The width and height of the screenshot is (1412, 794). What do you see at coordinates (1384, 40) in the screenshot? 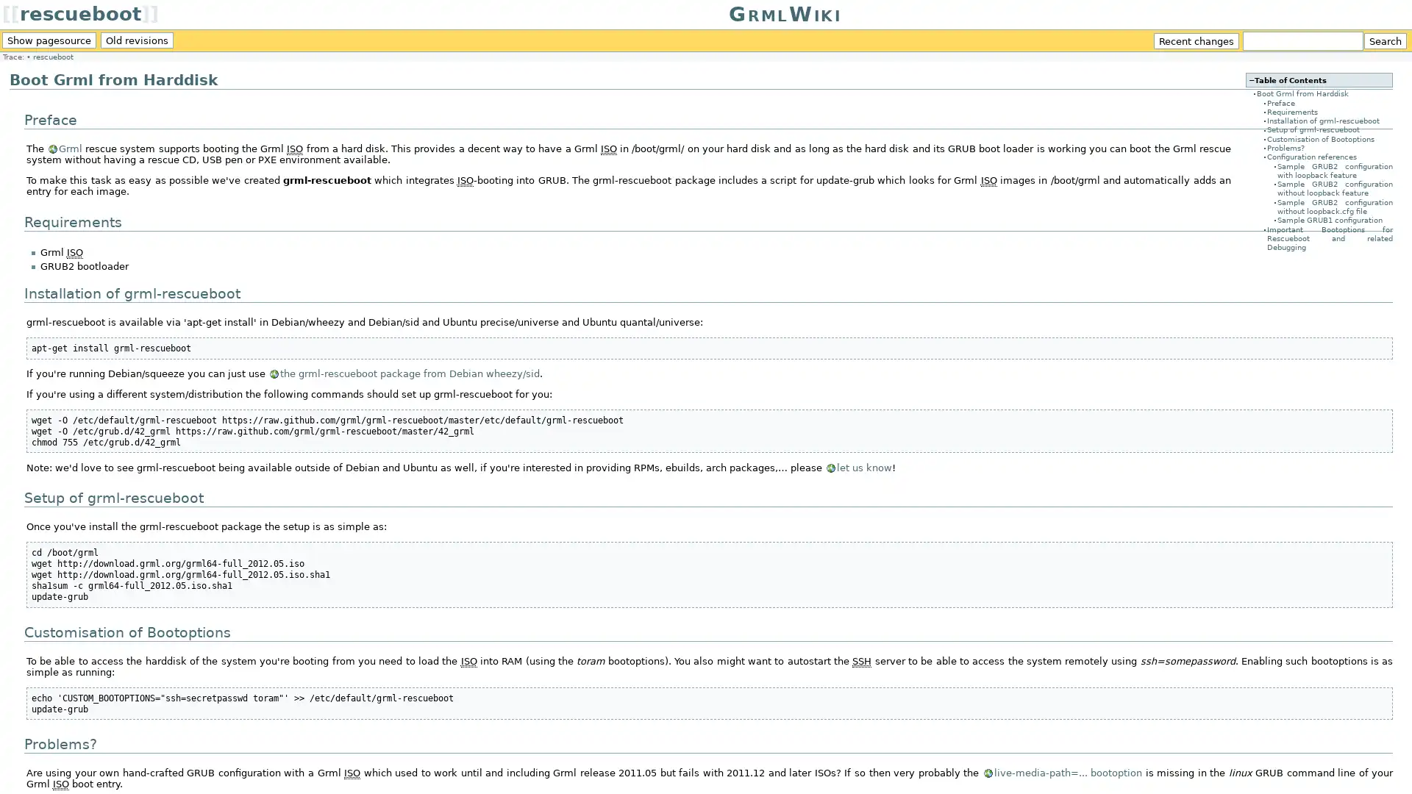
I see `Search` at bounding box center [1384, 40].